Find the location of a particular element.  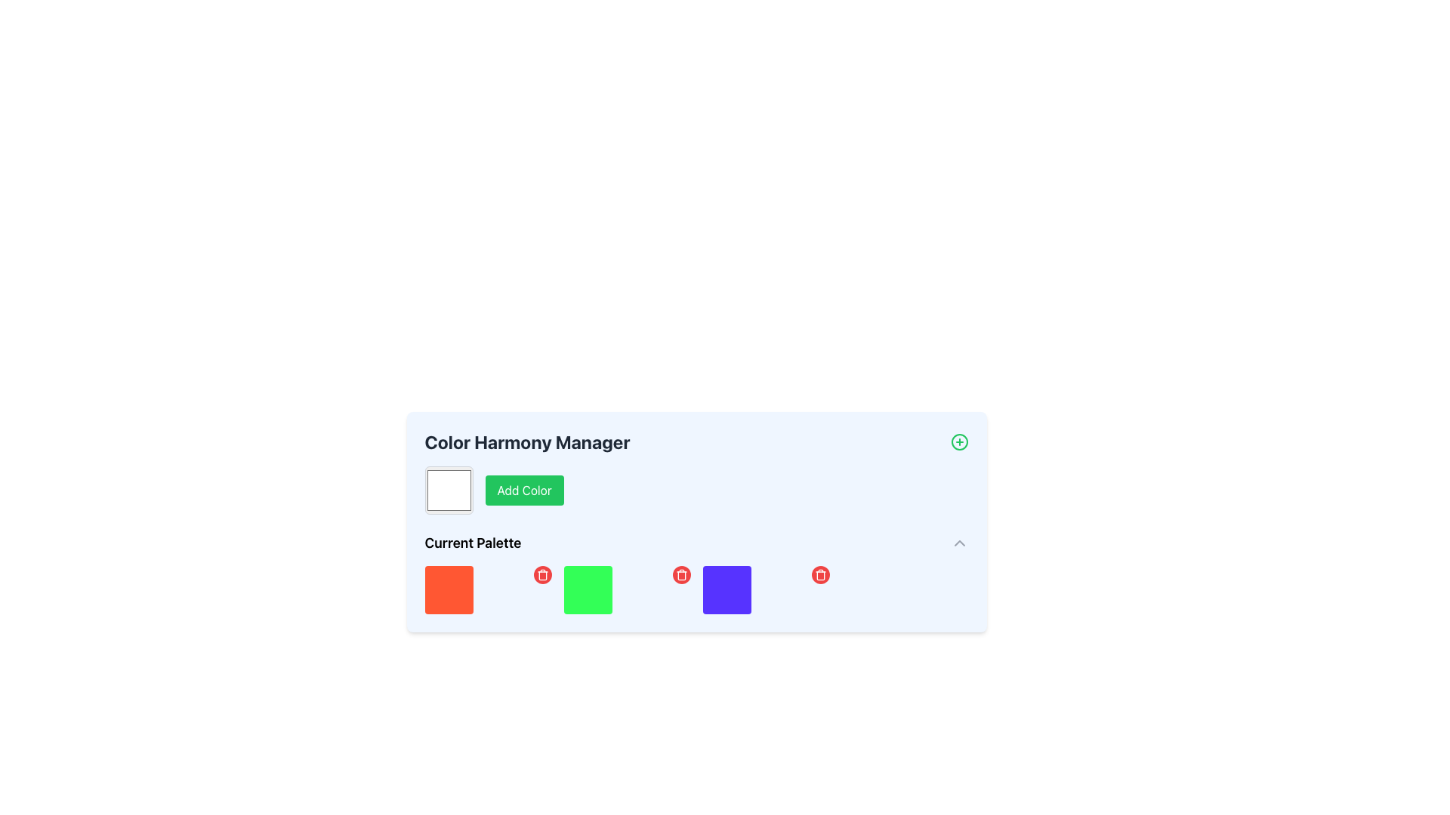

the delete button associated with the purple color tile in the Current Palette section is located at coordinates (766, 589).